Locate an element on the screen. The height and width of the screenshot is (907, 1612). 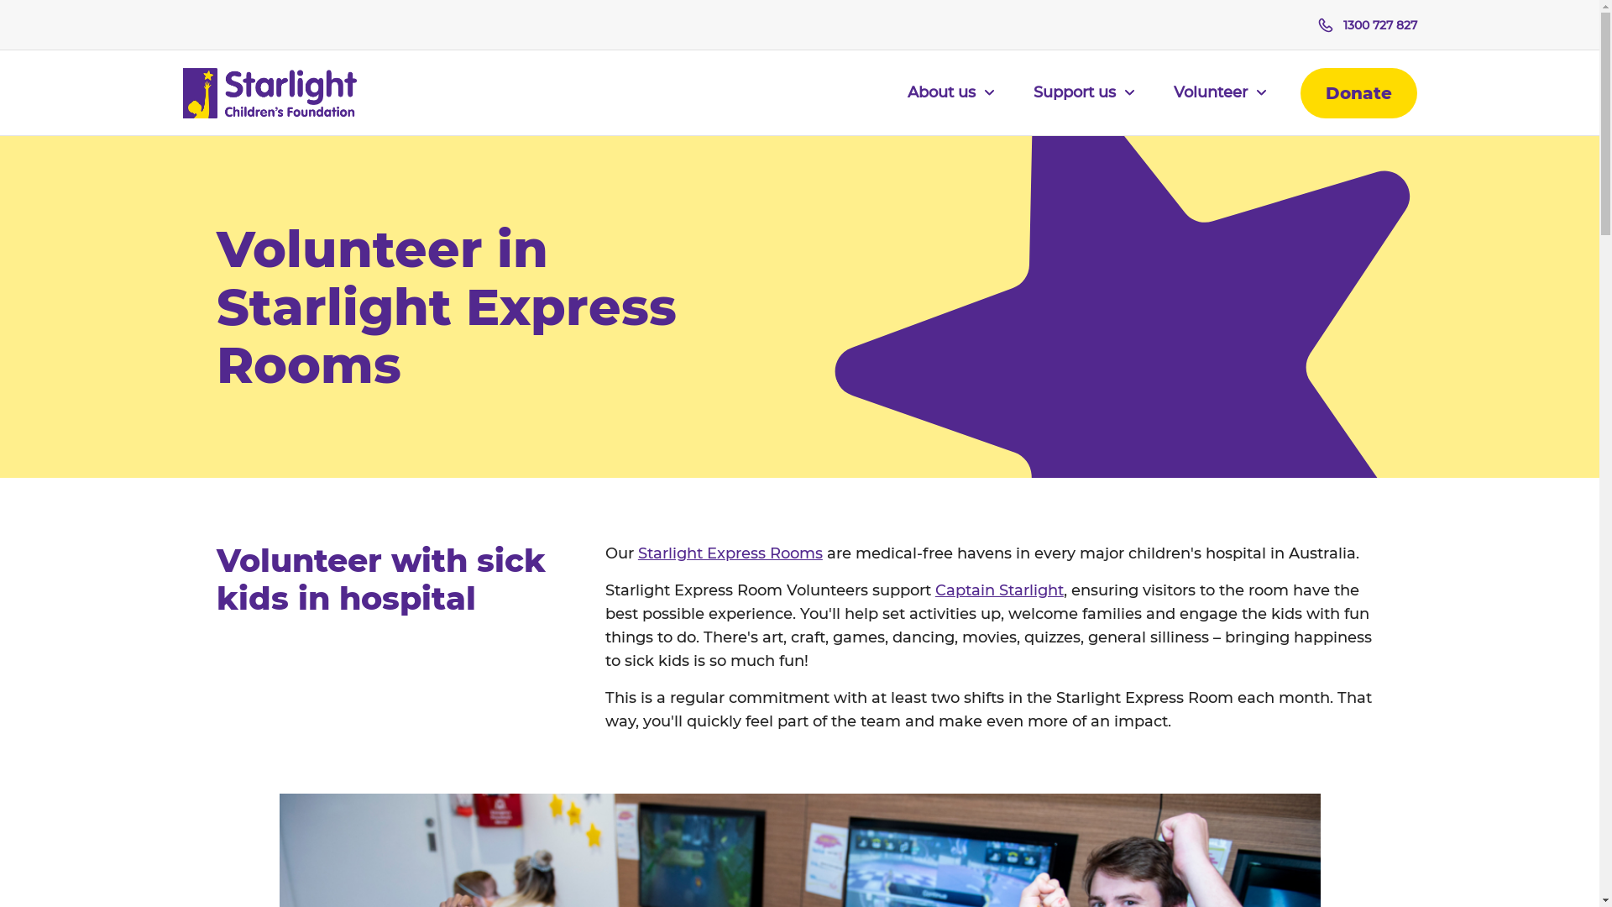
'Support us' is located at coordinates (1031, 102).